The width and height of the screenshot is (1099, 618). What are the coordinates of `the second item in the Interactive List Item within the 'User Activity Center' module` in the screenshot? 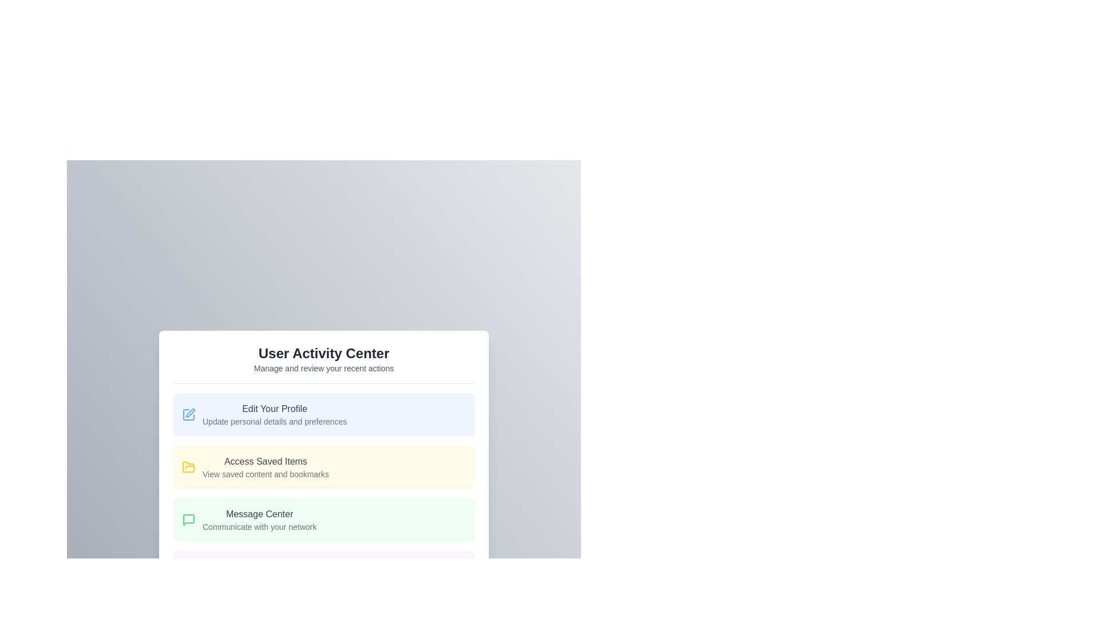 It's located at (323, 493).